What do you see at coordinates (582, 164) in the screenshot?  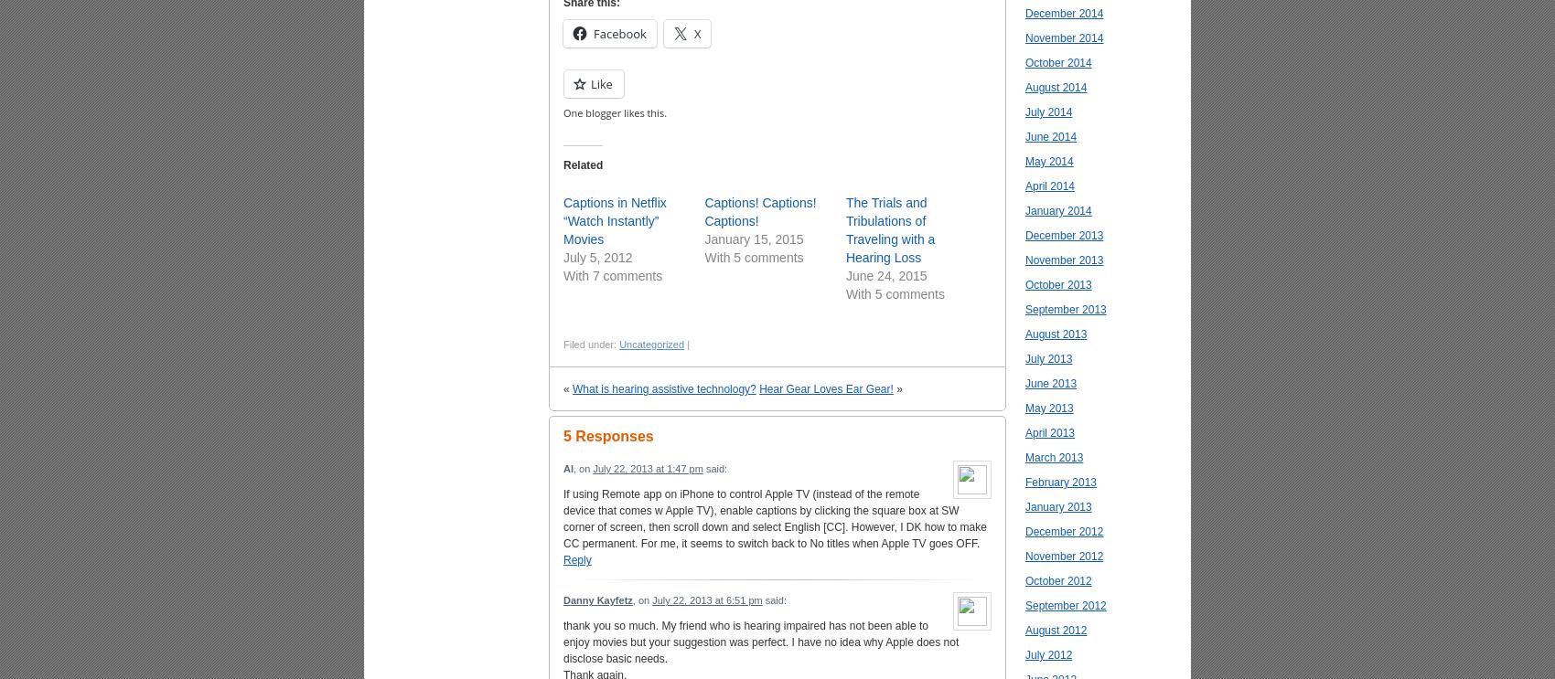 I see `'Related'` at bounding box center [582, 164].